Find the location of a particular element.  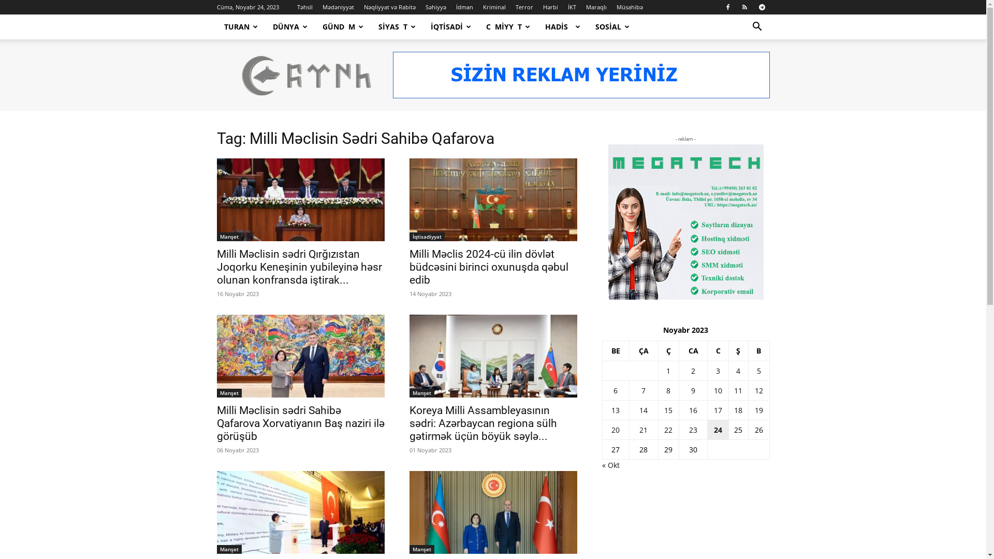

'8' is located at coordinates (668, 390).